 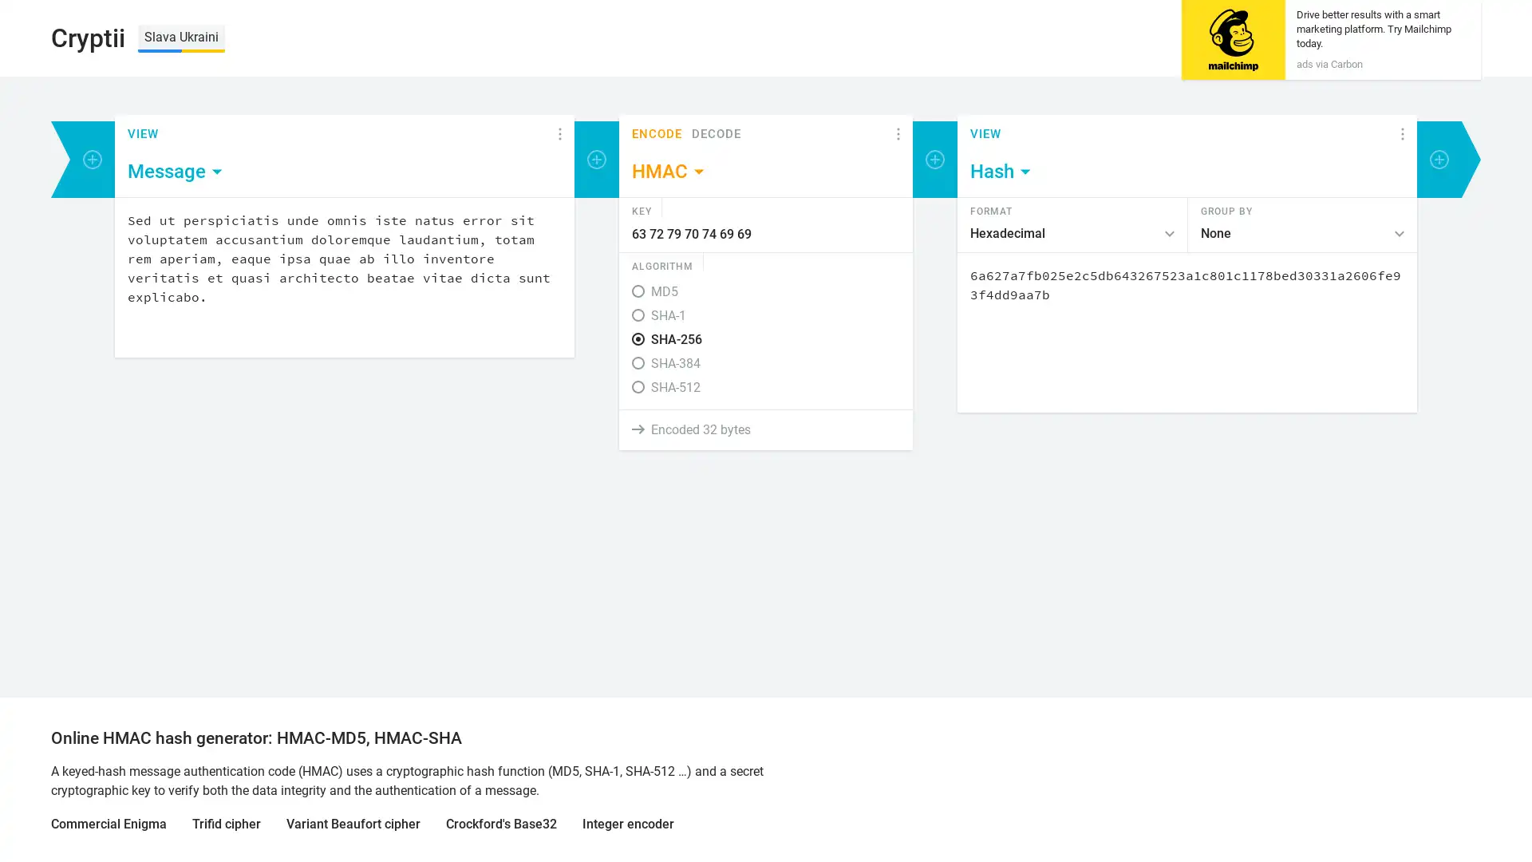 What do you see at coordinates (596, 160) in the screenshot?
I see `Add encoder or viewer` at bounding box center [596, 160].